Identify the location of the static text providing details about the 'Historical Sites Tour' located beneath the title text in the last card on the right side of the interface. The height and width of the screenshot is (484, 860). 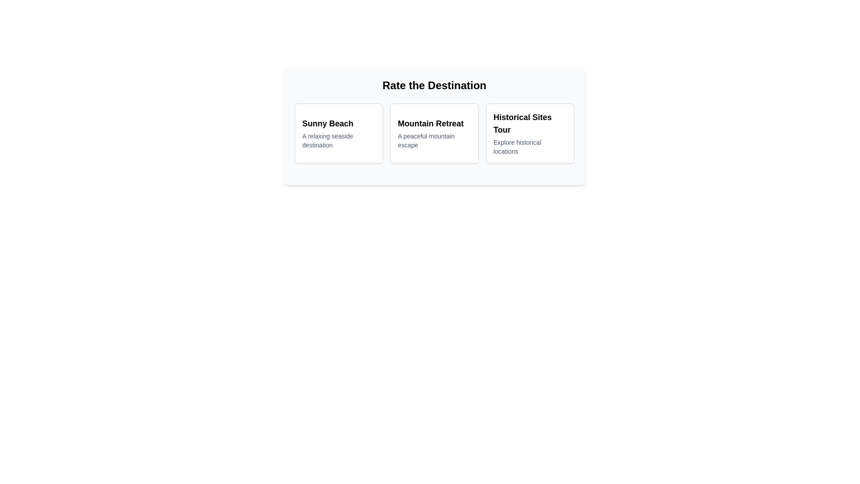
(530, 146).